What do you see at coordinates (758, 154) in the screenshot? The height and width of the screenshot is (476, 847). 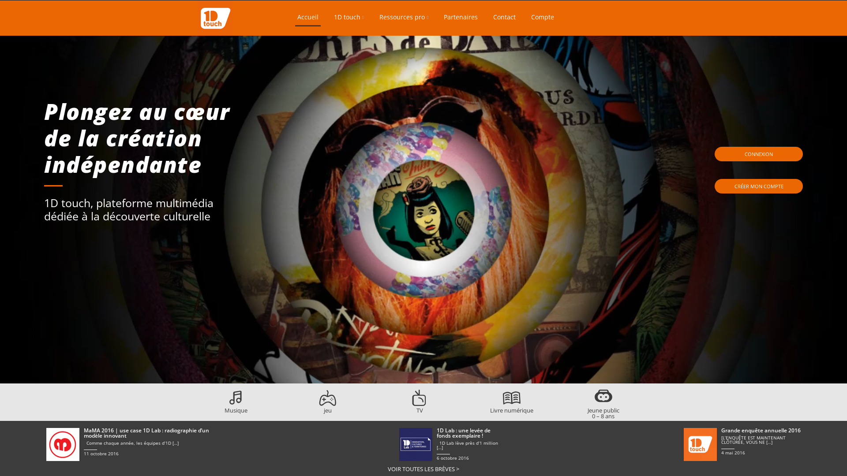 I see `'CONNEXION'` at bounding box center [758, 154].